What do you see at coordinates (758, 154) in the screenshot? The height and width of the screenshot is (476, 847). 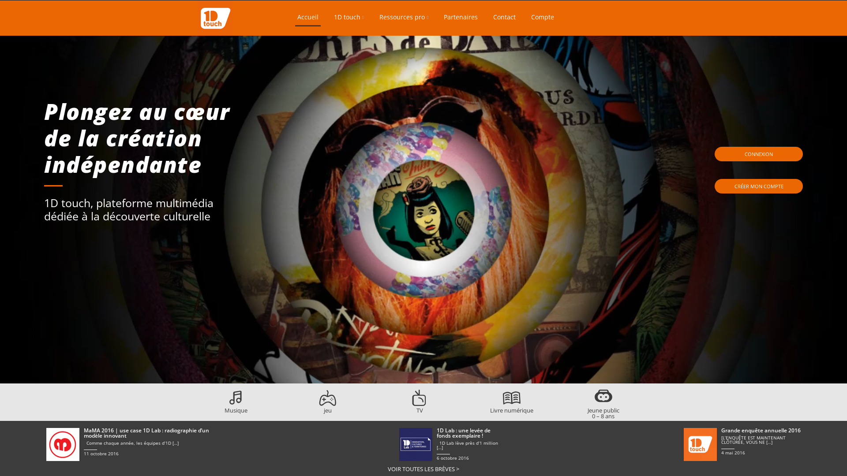 I see `'CONNEXION'` at bounding box center [758, 154].